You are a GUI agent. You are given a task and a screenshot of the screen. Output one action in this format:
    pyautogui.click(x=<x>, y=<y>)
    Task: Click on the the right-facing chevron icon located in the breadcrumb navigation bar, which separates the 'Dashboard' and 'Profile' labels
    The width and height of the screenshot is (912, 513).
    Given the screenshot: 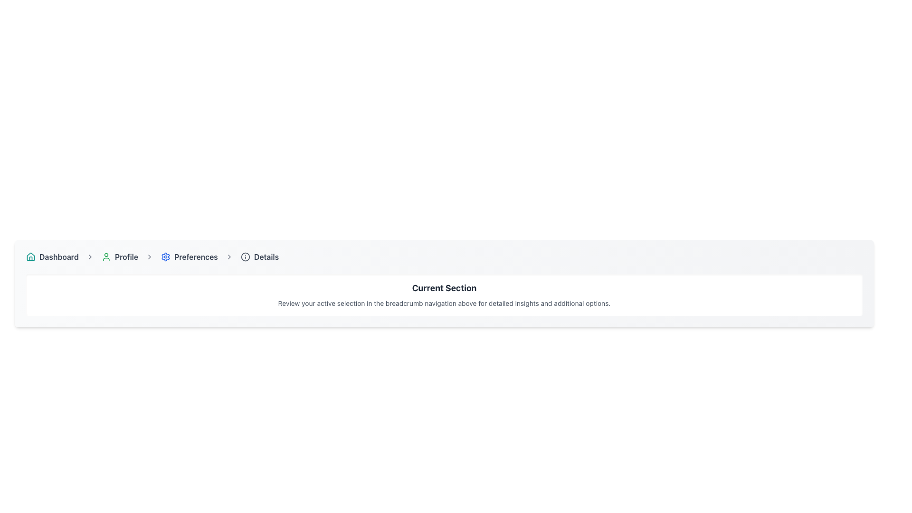 What is the action you would take?
    pyautogui.click(x=90, y=256)
    